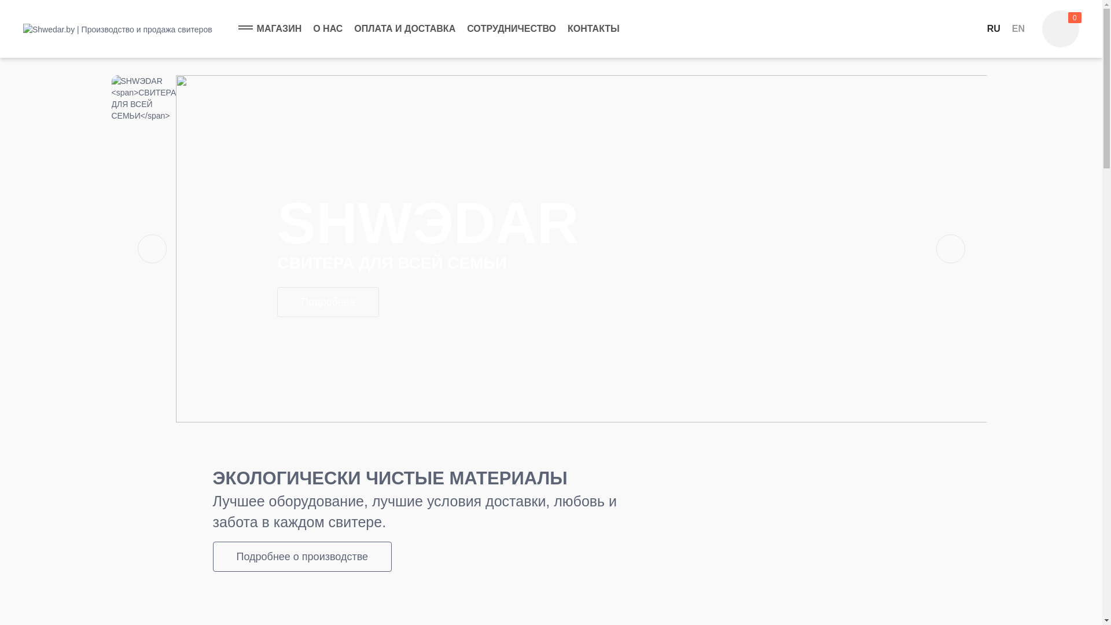 The width and height of the screenshot is (1111, 625). Describe the element at coordinates (1061, 28) in the screenshot. I see `'0'` at that location.